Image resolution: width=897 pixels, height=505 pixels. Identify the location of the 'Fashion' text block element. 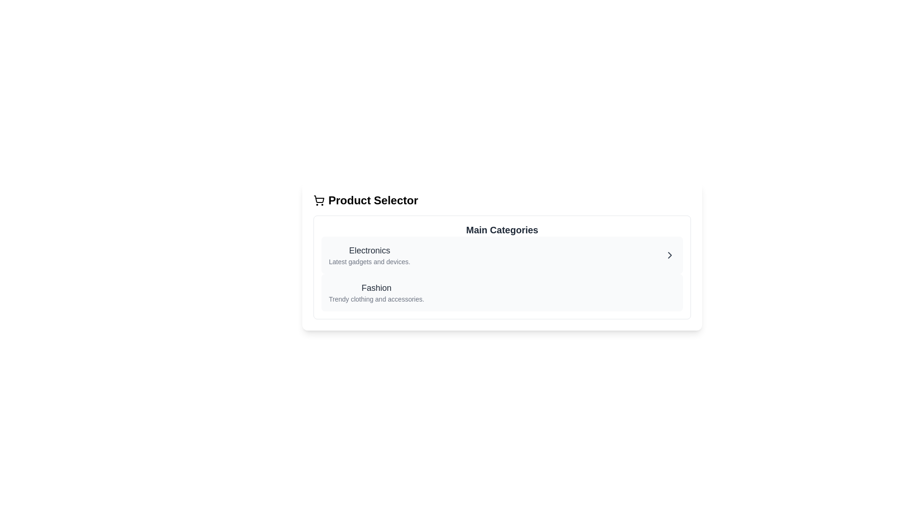
(377, 292).